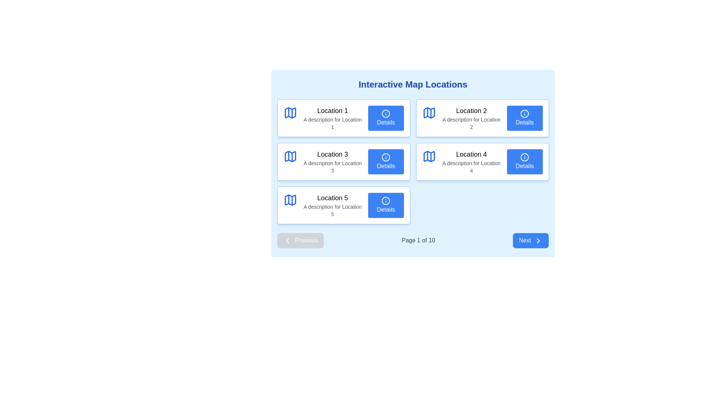 The image size is (709, 399). Describe the element at coordinates (332, 123) in the screenshot. I see `the text label that describes the 'Location 1' section, which is positioned below the section title and above the 'Details' action button` at that location.